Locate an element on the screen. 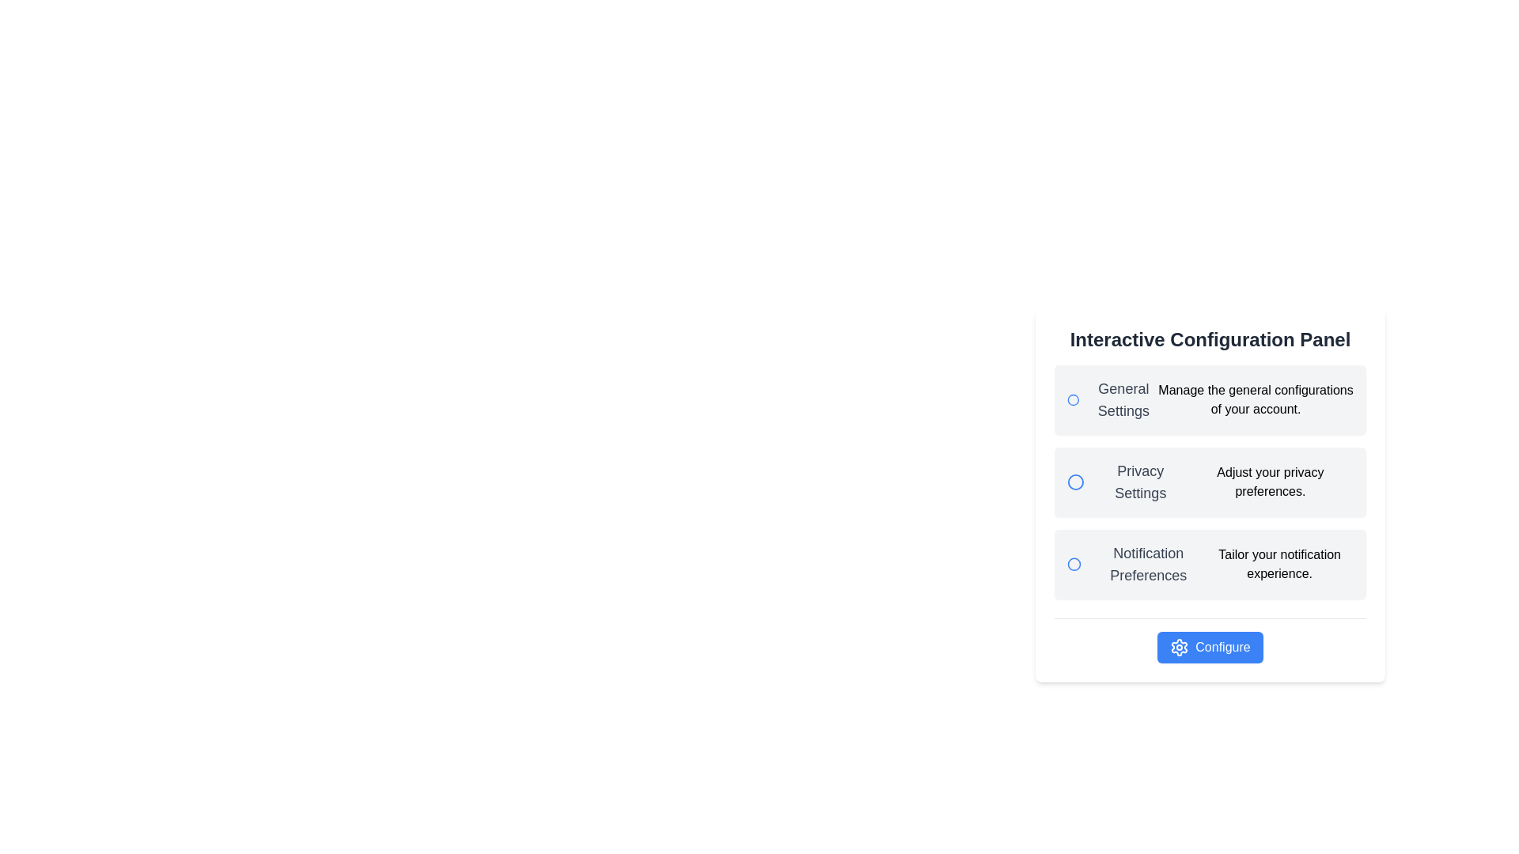 The height and width of the screenshot is (854, 1519). the circular icon with a blue outline located next to the text 'General Settings' is located at coordinates (1073, 399).